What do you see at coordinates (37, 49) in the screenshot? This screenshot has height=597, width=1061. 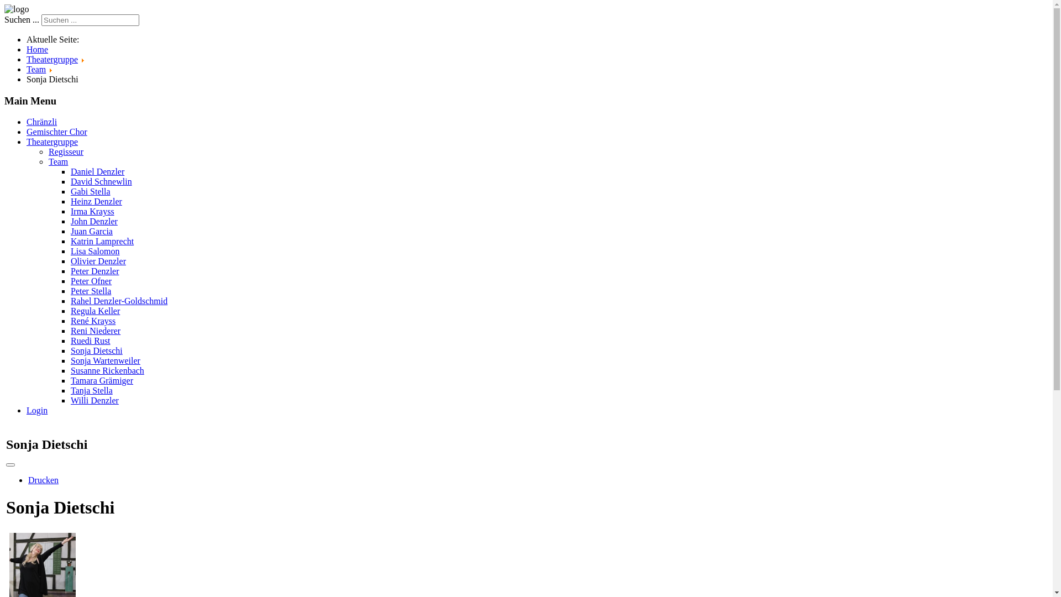 I see `'Home'` at bounding box center [37, 49].